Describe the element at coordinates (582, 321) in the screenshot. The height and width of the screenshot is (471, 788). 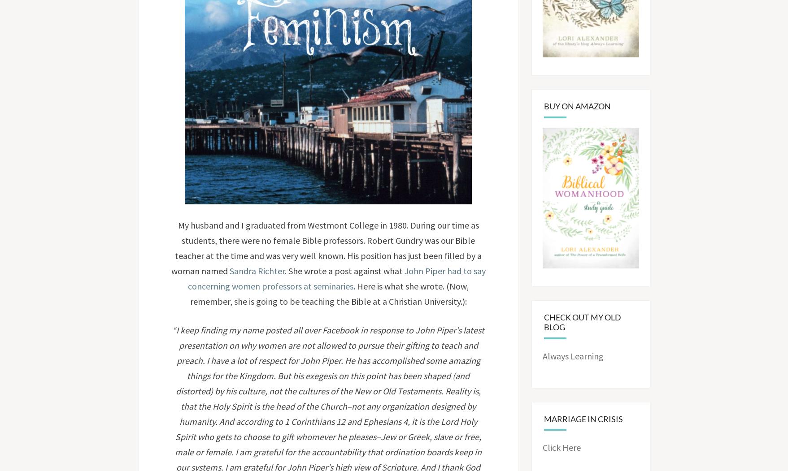
I see `'Check out my old blog'` at that location.